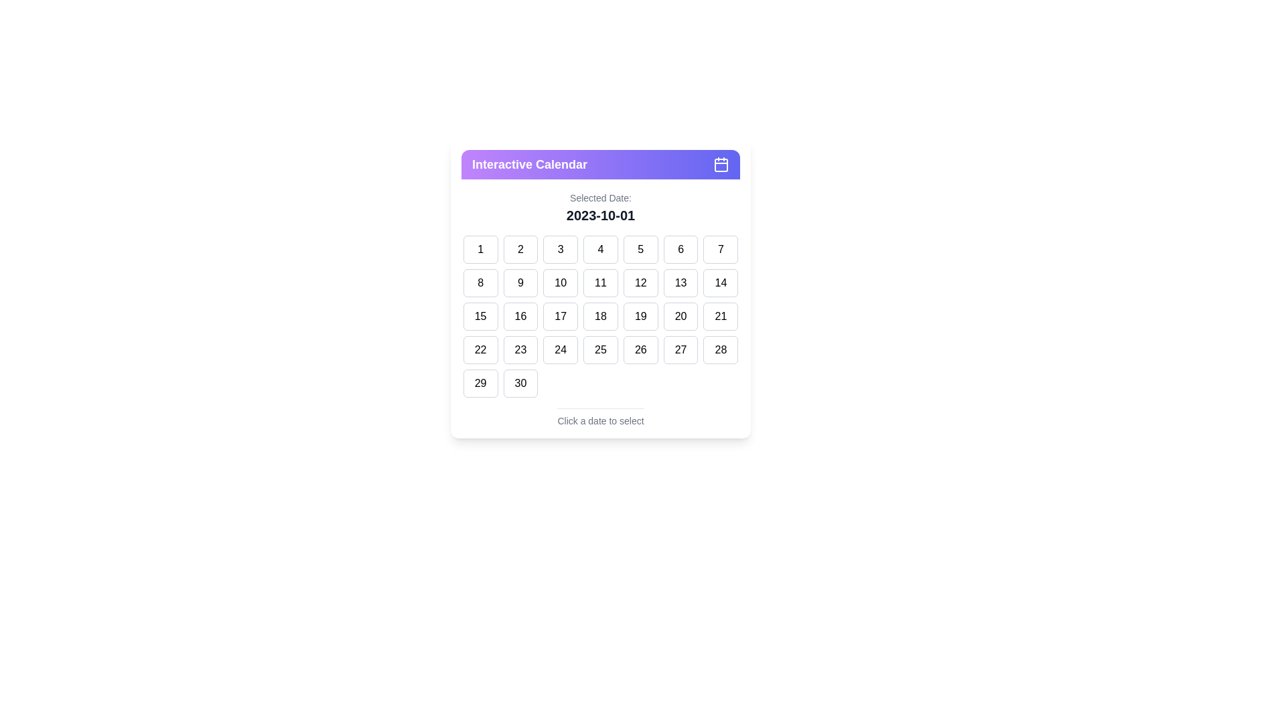 This screenshot has width=1286, height=723. What do you see at coordinates (600, 207) in the screenshot?
I see `the Text Display element that shows the currently selected date in the calendar interface, positioned below the 'Interactive Calendar' header` at bounding box center [600, 207].